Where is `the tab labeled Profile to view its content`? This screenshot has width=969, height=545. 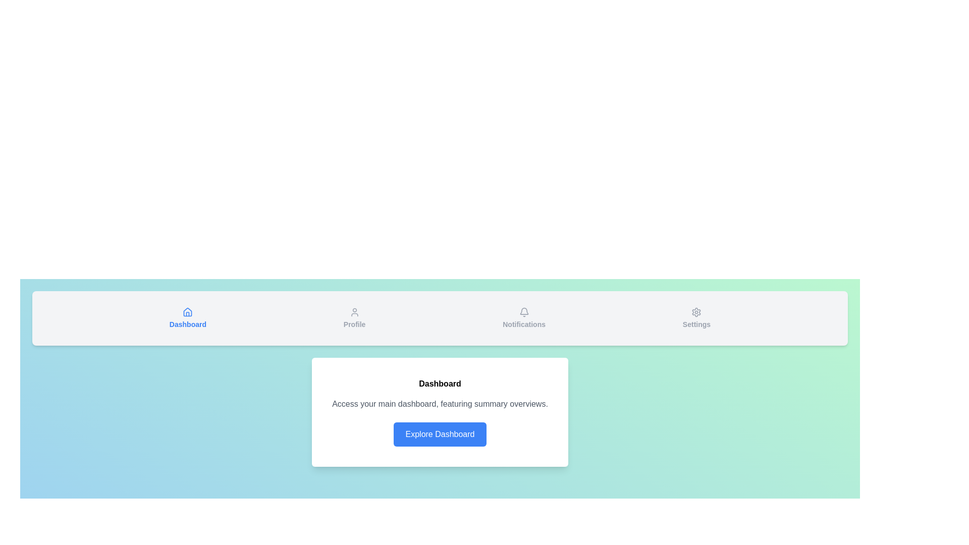 the tab labeled Profile to view its content is located at coordinates (354, 318).